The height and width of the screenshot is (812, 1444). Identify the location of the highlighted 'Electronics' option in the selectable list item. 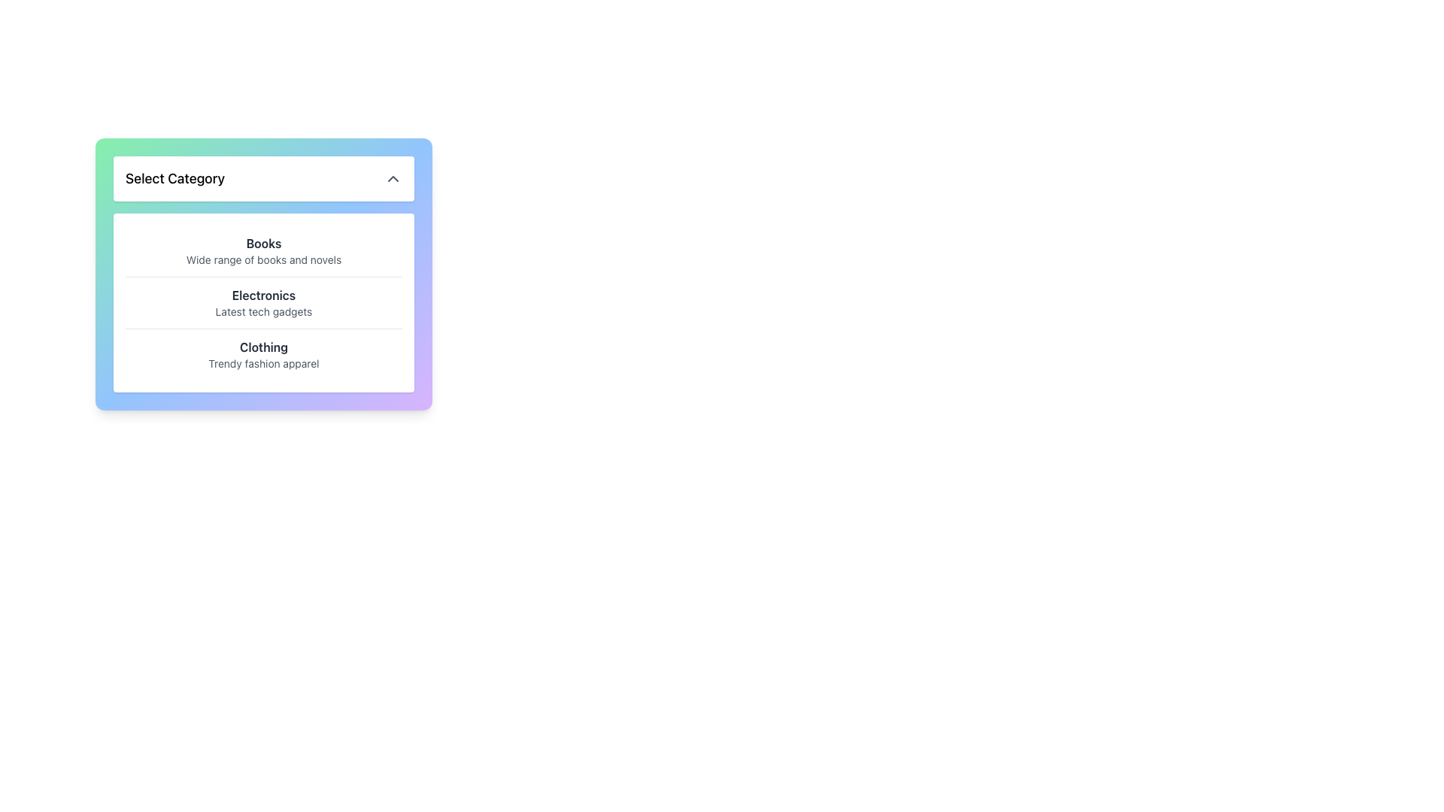
(263, 302).